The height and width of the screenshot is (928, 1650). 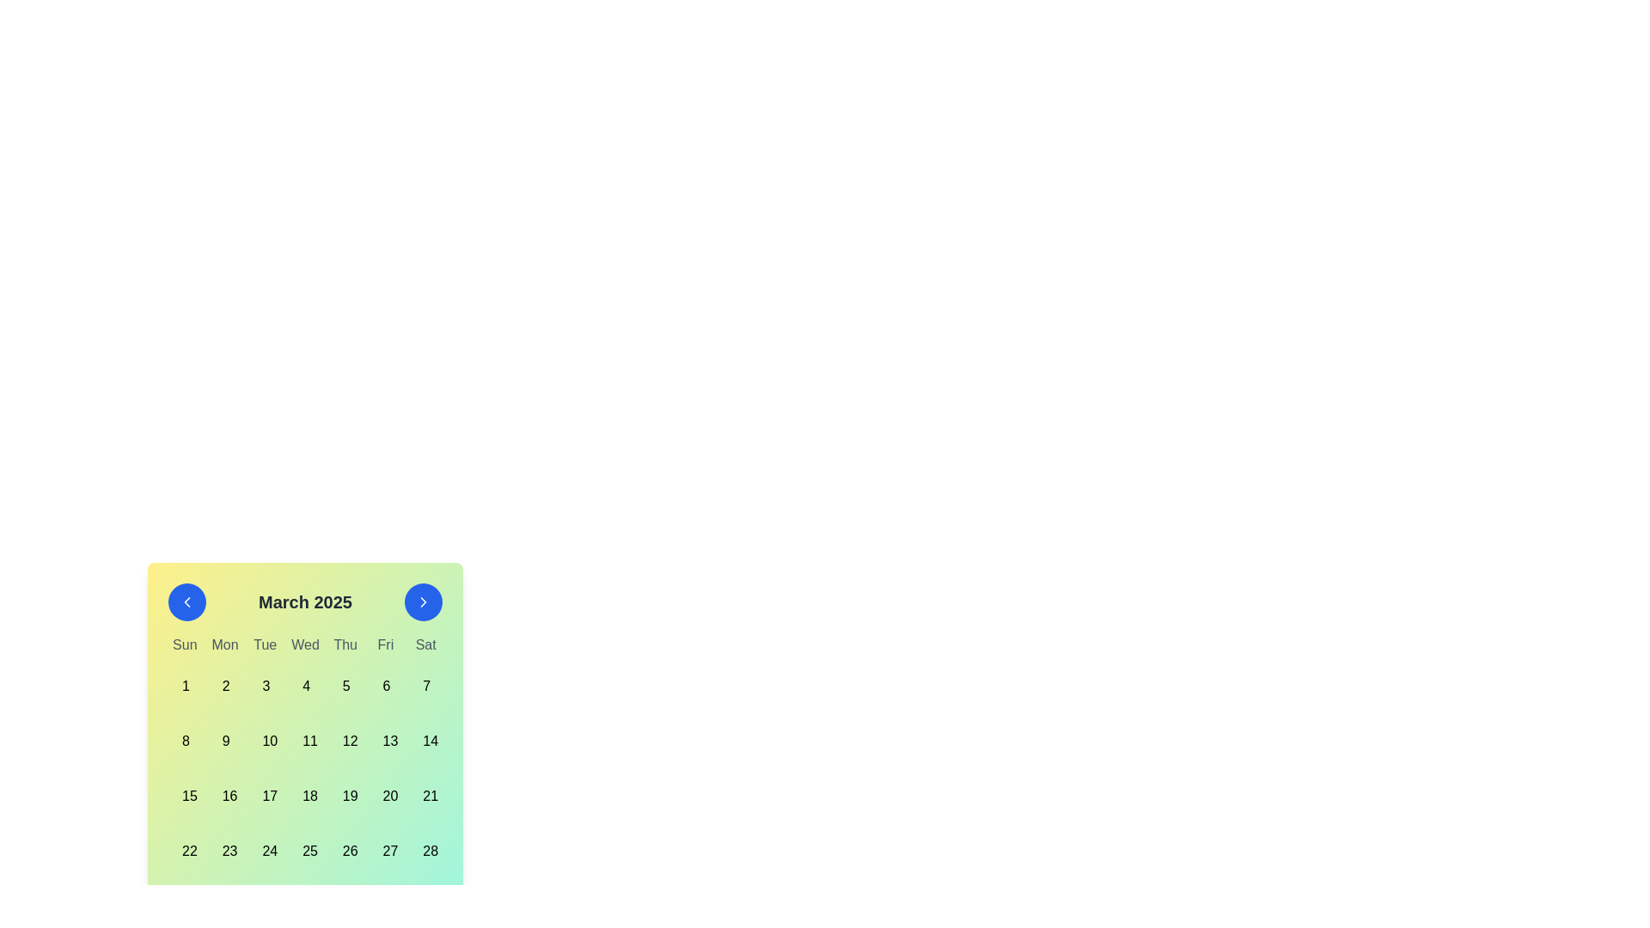 What do you see at coordinates (305, 601) in the screenshot?
I see `the read-only Text Label that indicates the currently visible month and year in the calendar, which is centrally located in the header section between two circular navigation buttons` at bounding box center [305, 601].